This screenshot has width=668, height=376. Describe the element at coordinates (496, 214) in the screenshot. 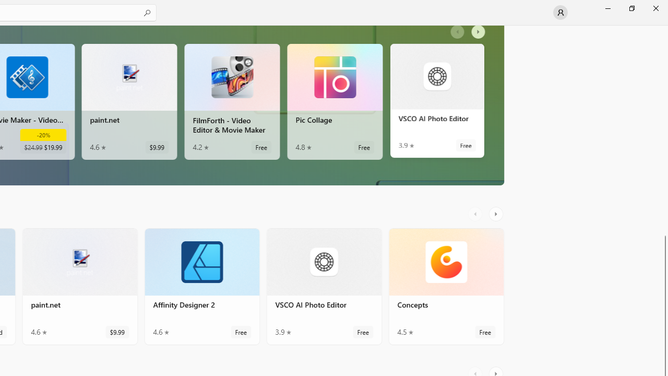

I see `'AutomationID: RightScrollButton'` at that location.